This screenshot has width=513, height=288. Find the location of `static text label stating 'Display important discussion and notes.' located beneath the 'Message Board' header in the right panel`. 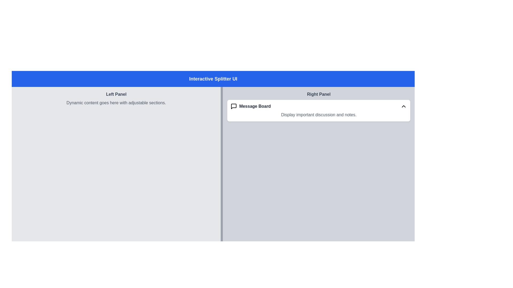

static text label stating 'Display important discussion and notes.' located beneath the 'Message Board' header in the right panel is located at coordinates (319, 115).